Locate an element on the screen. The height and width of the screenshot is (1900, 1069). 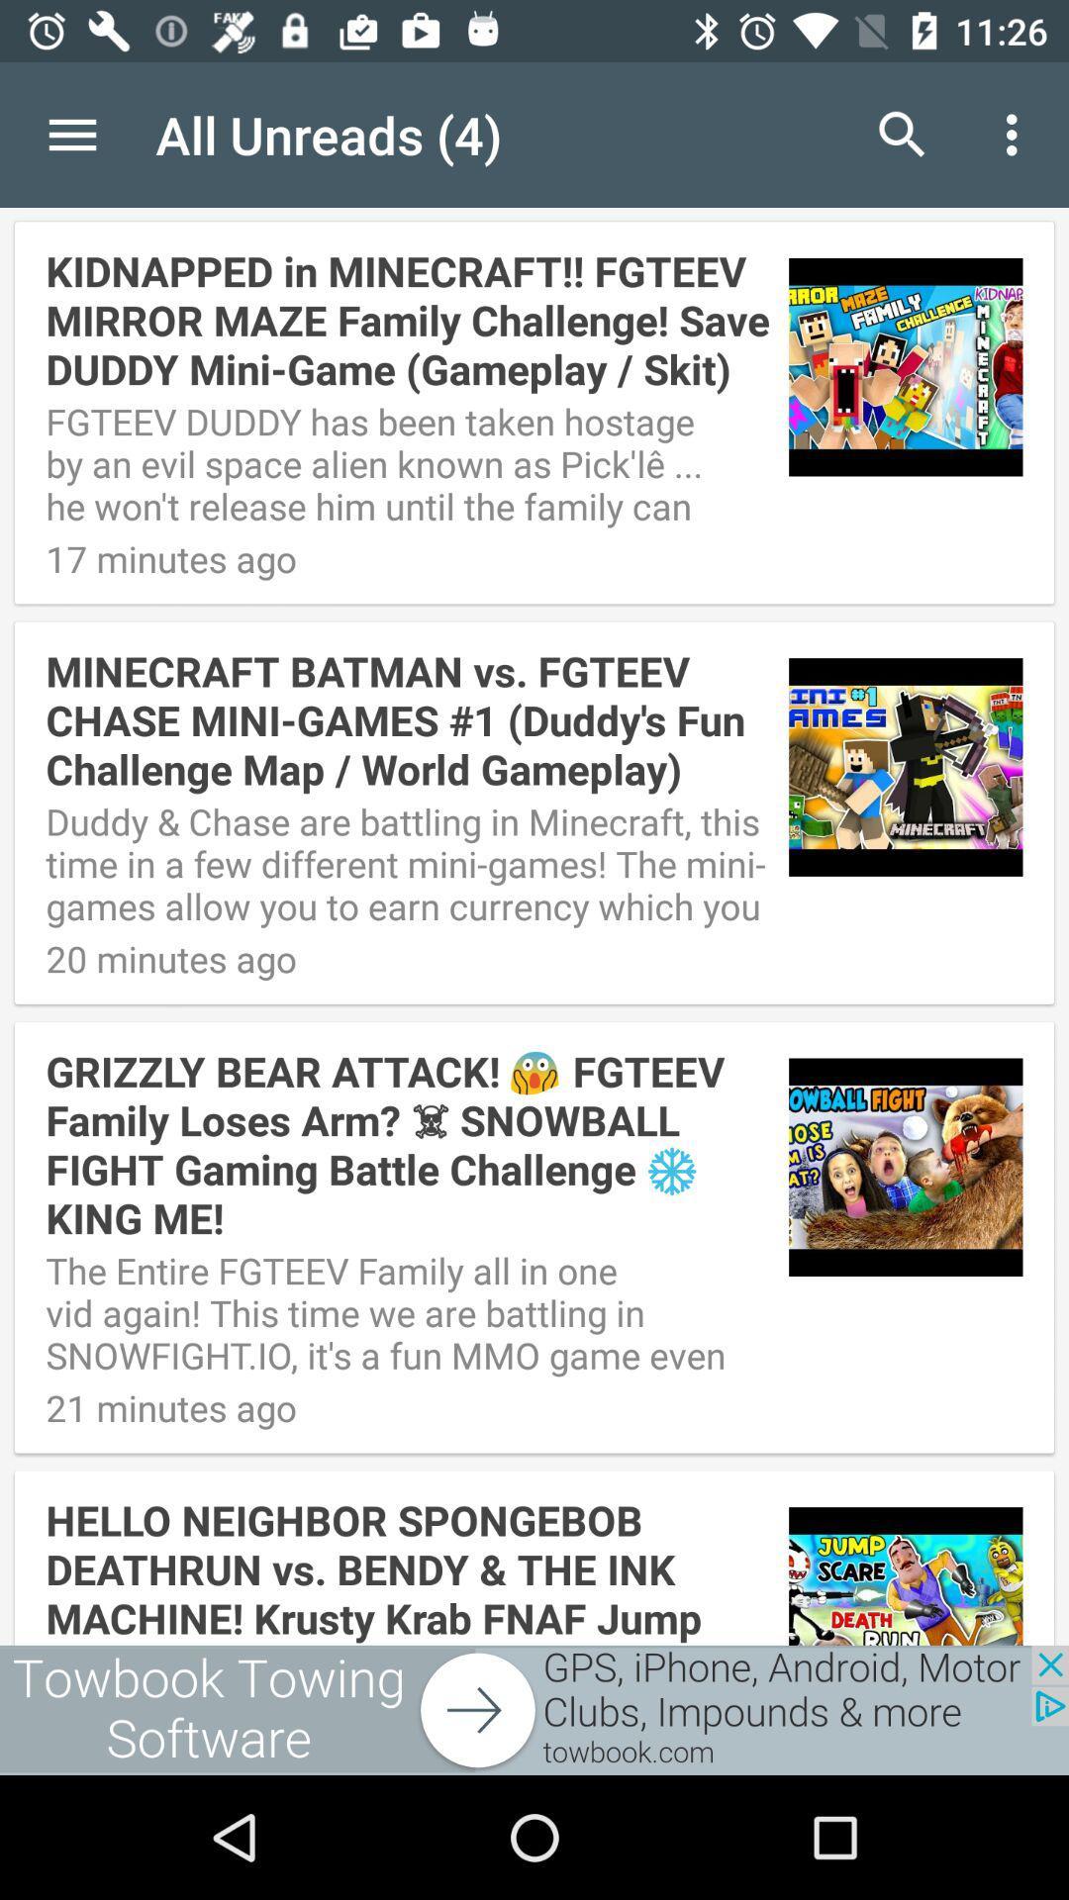
the fourth image which is on the bottom right corner of the page is located at coordinates (906, 1567).